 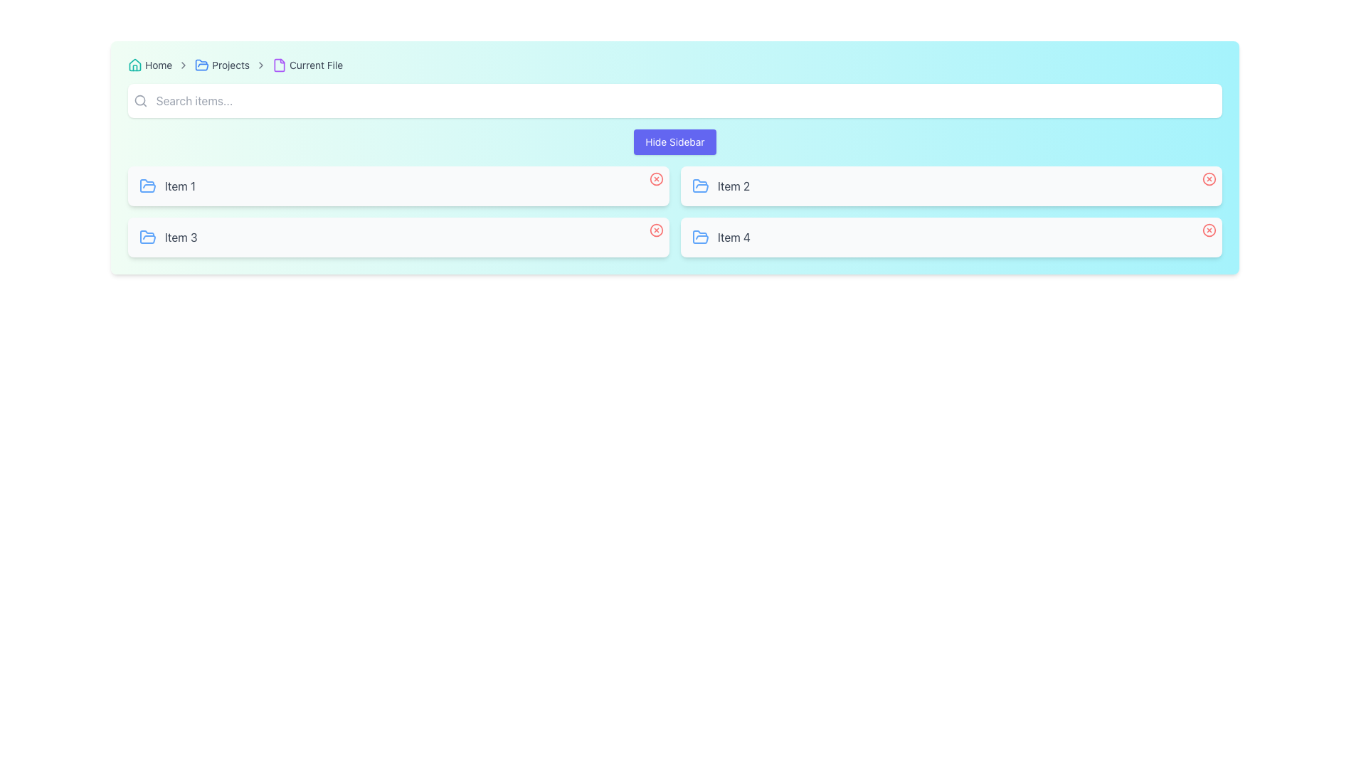 What do you see at coordinates (261, 65) in the screenshot?
I see `the third chevron icon in the breadcrumb navigation bar, which separates the 'Projects' label and the 'Current File' label, serving as a visual cue for hierarchy` at bounding box center [261, 65].